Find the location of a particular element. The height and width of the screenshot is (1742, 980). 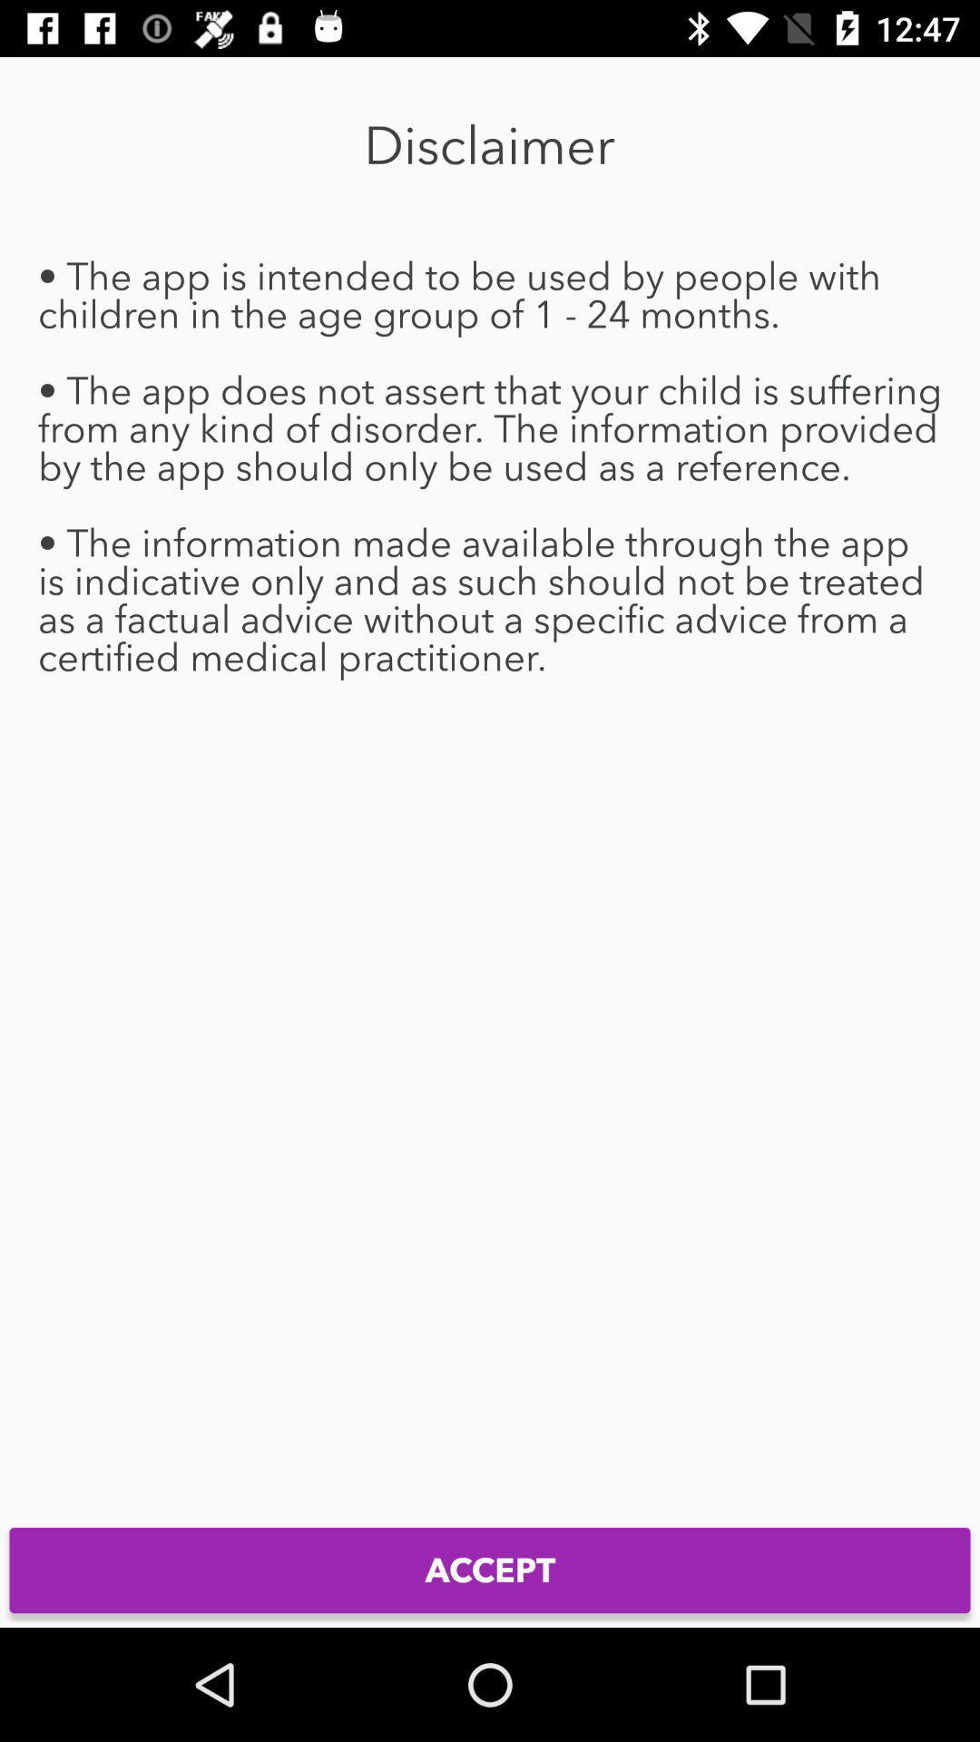

icon below the app is item is located at coordinates (490, 1570).